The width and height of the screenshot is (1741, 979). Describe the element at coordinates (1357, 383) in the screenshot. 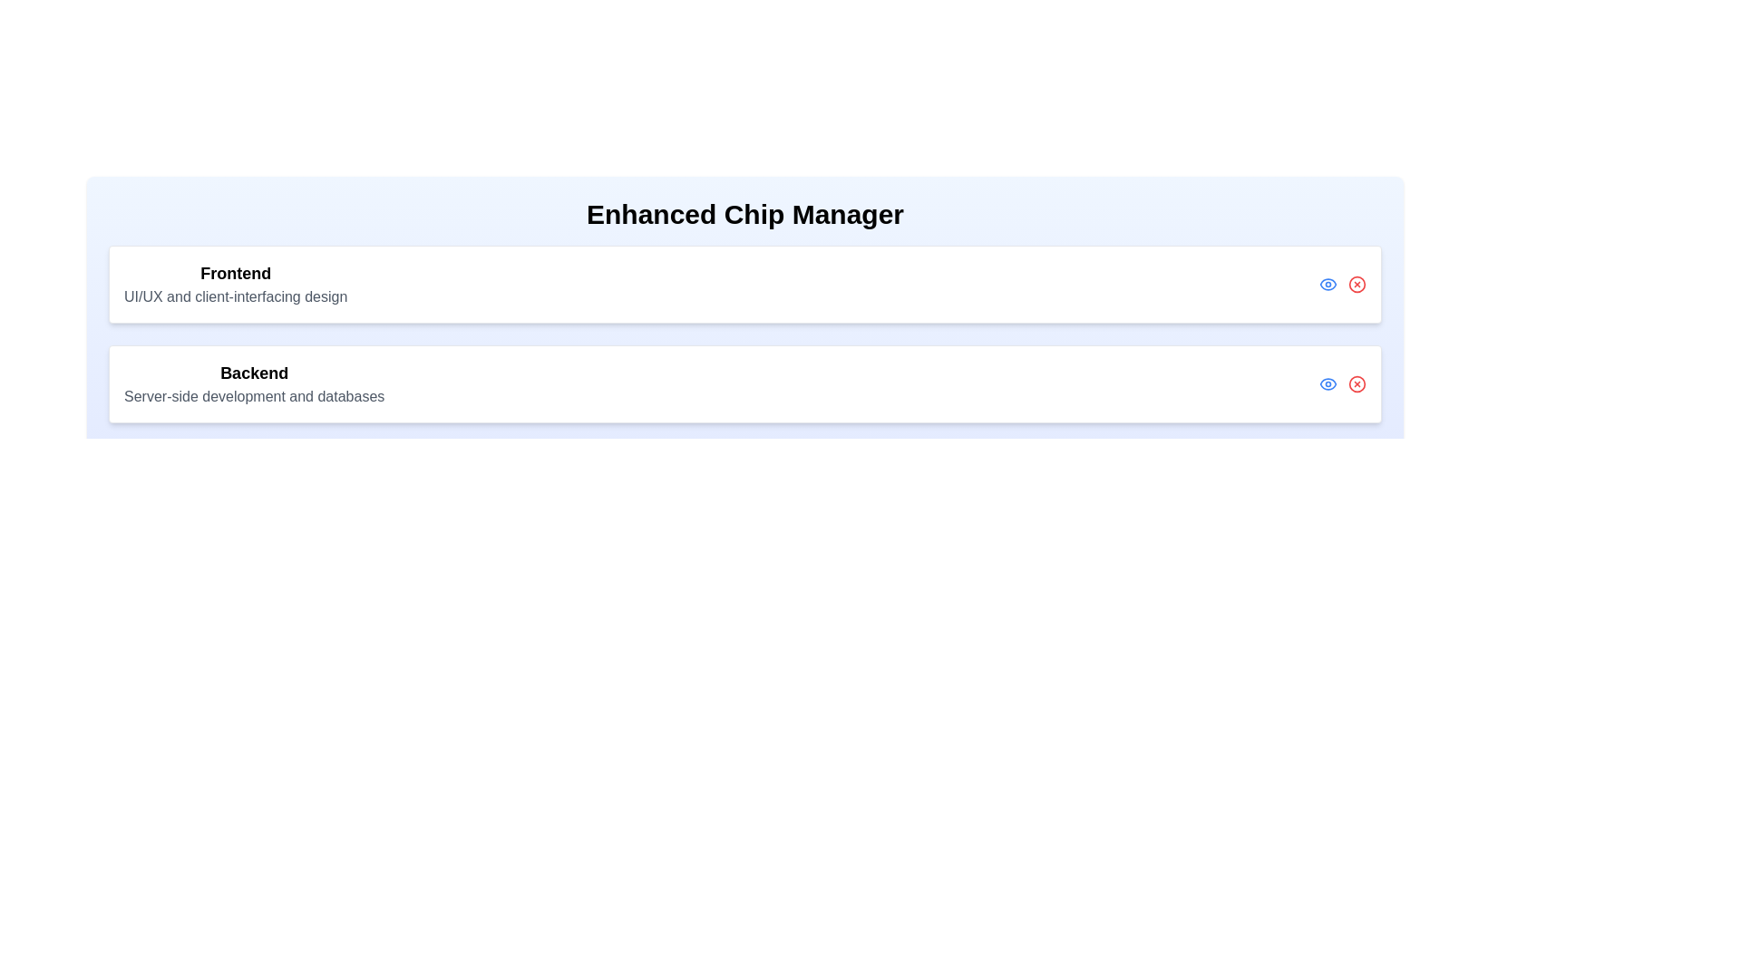

I see `remove button for the item with the name Backend` at that location.